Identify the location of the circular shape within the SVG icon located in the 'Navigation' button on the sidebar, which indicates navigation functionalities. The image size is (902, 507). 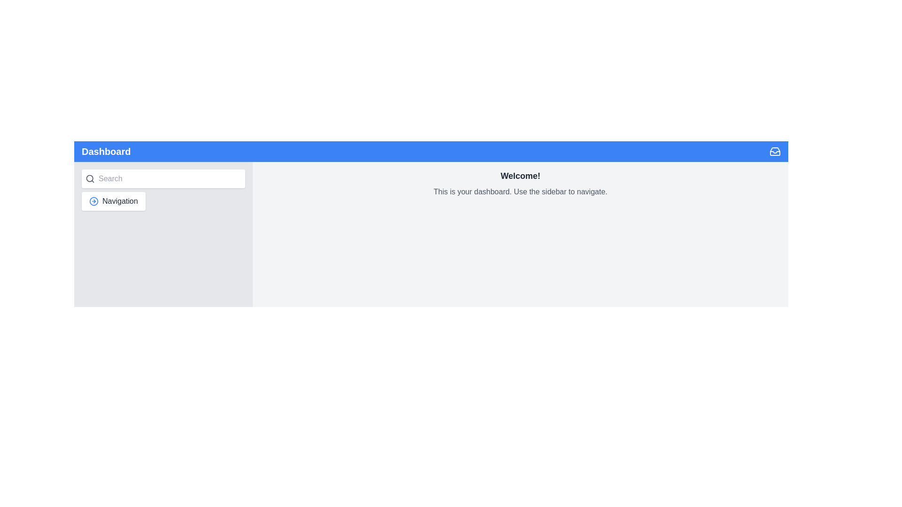
(94, 200).